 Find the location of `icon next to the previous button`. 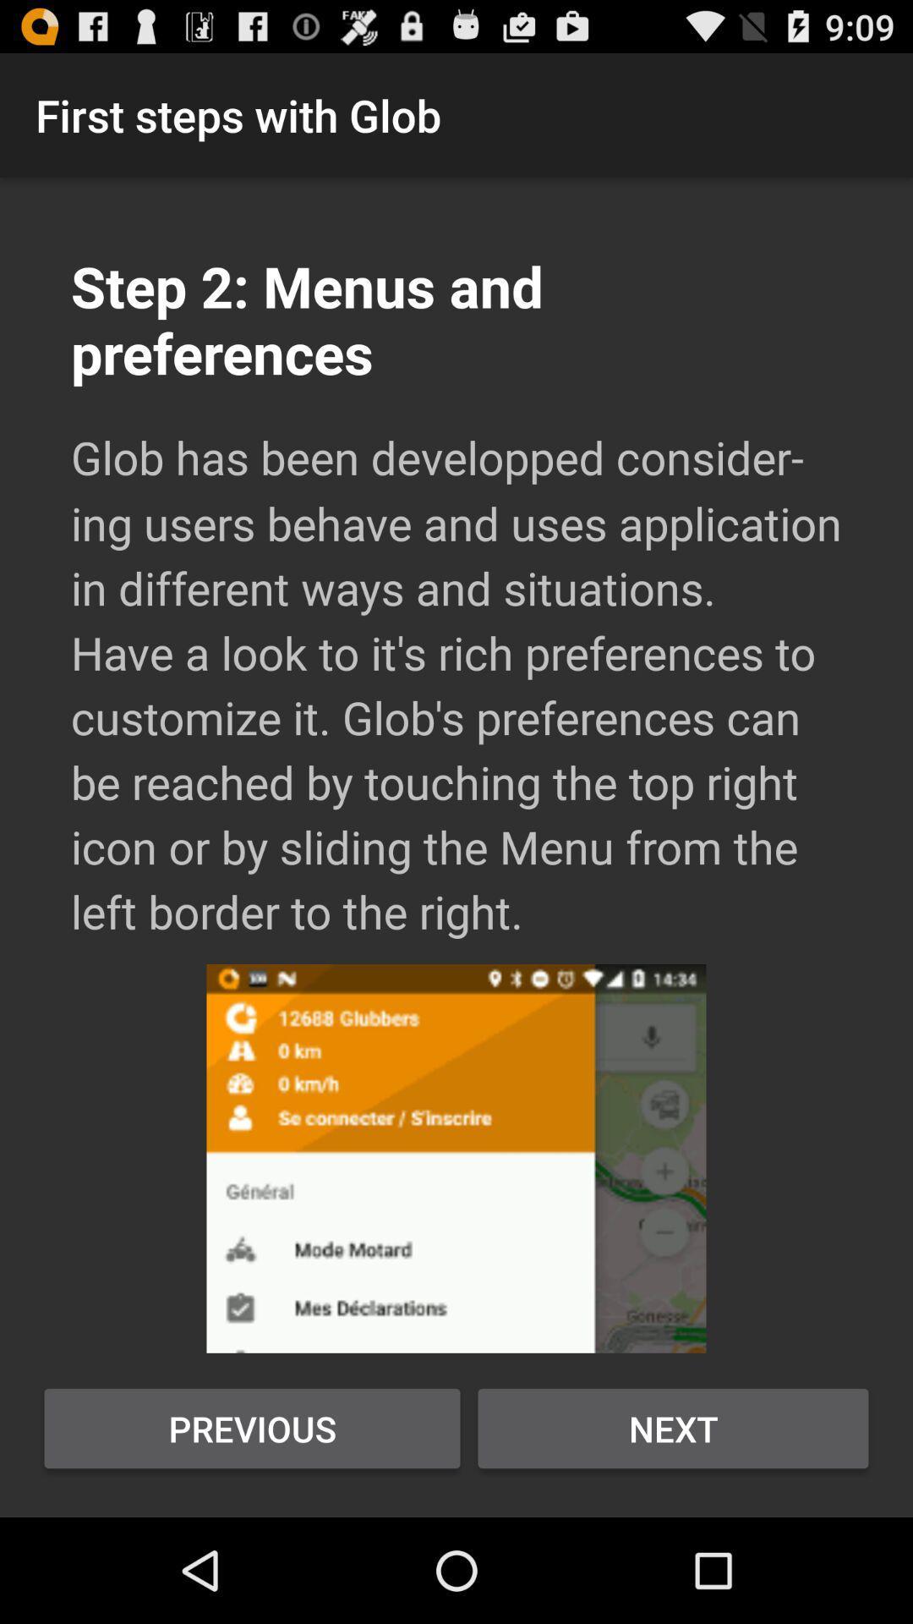

icon next to the previous button is located at coordinates (672, 1428).